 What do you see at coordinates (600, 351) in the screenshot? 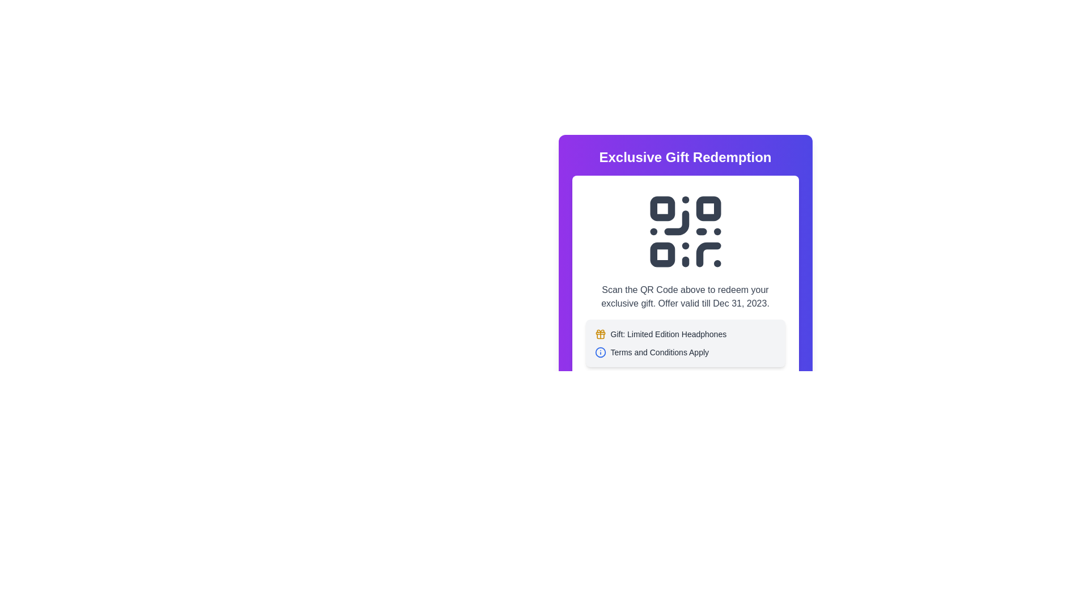
I see `the informational marker icon located to the left of the text 'Terms and Conditions Apply'` at bounding box center [600, 351].